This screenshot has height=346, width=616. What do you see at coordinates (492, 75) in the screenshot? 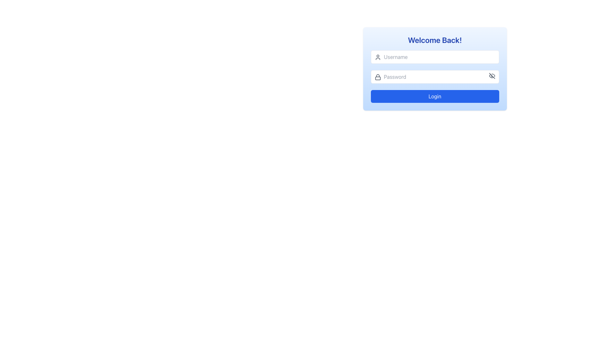
I see `the button located at the top-right corner of the password input field` at bounding box center [492, 75].